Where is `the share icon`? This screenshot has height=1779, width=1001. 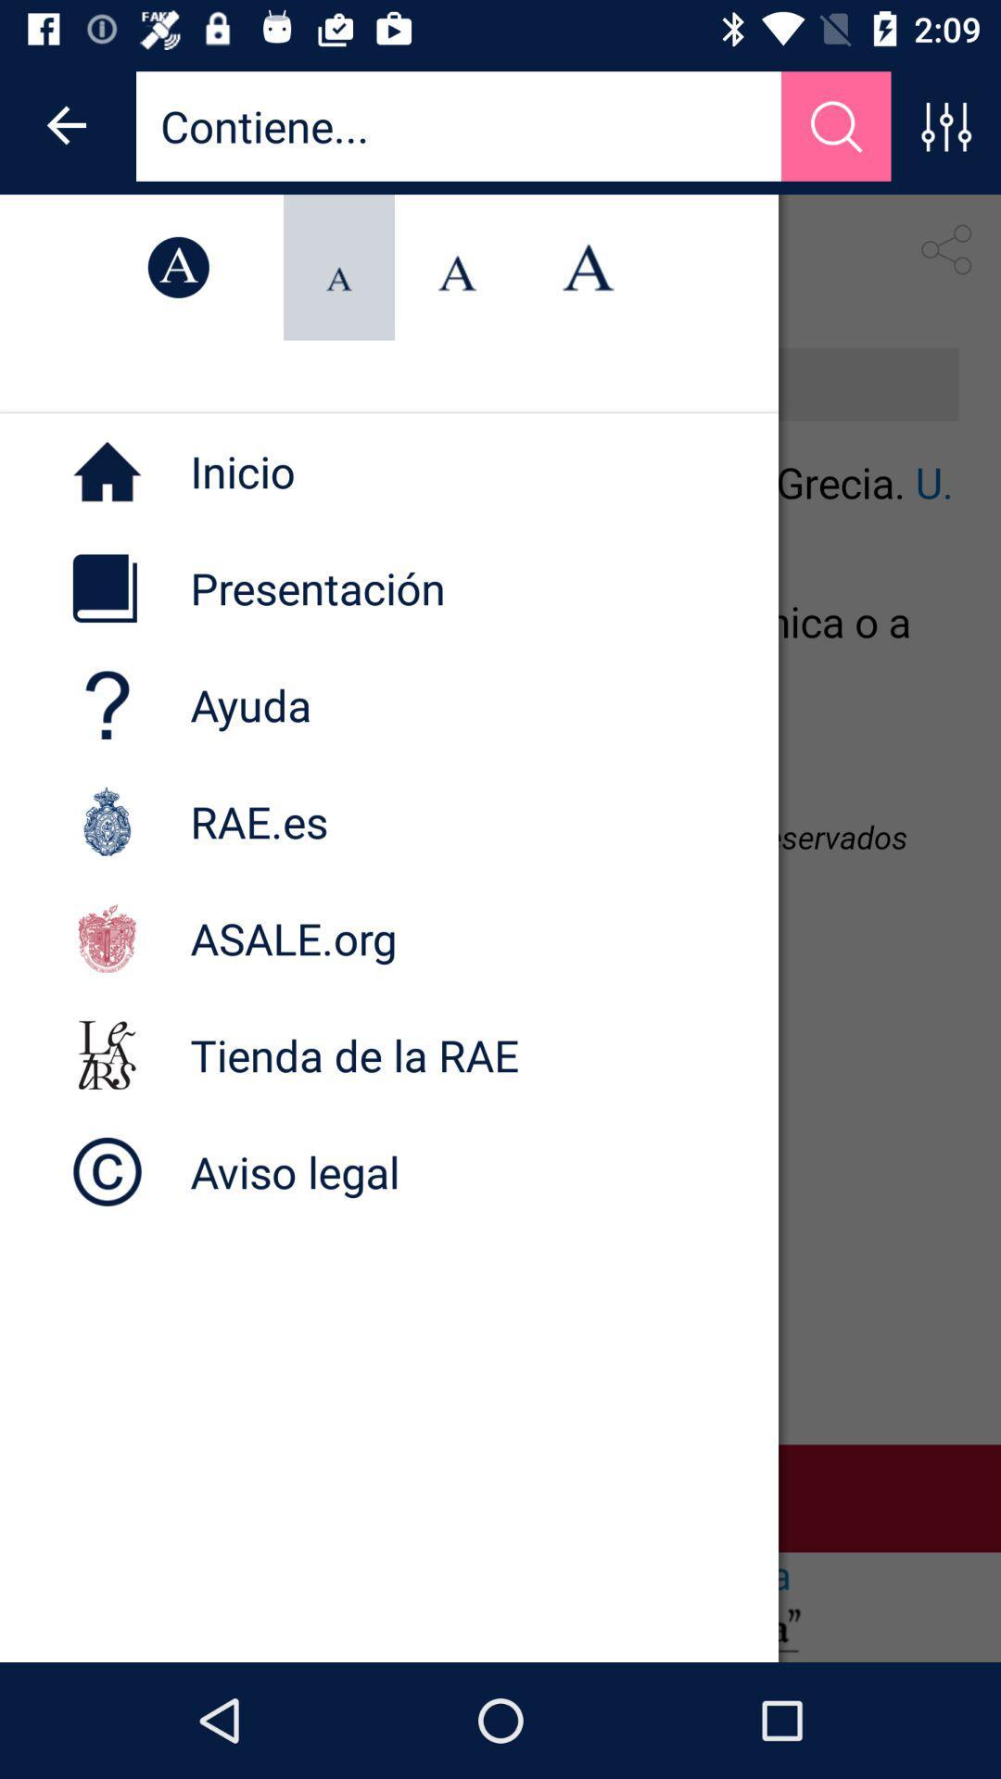 the share icon is located at coordinates (945, 248).